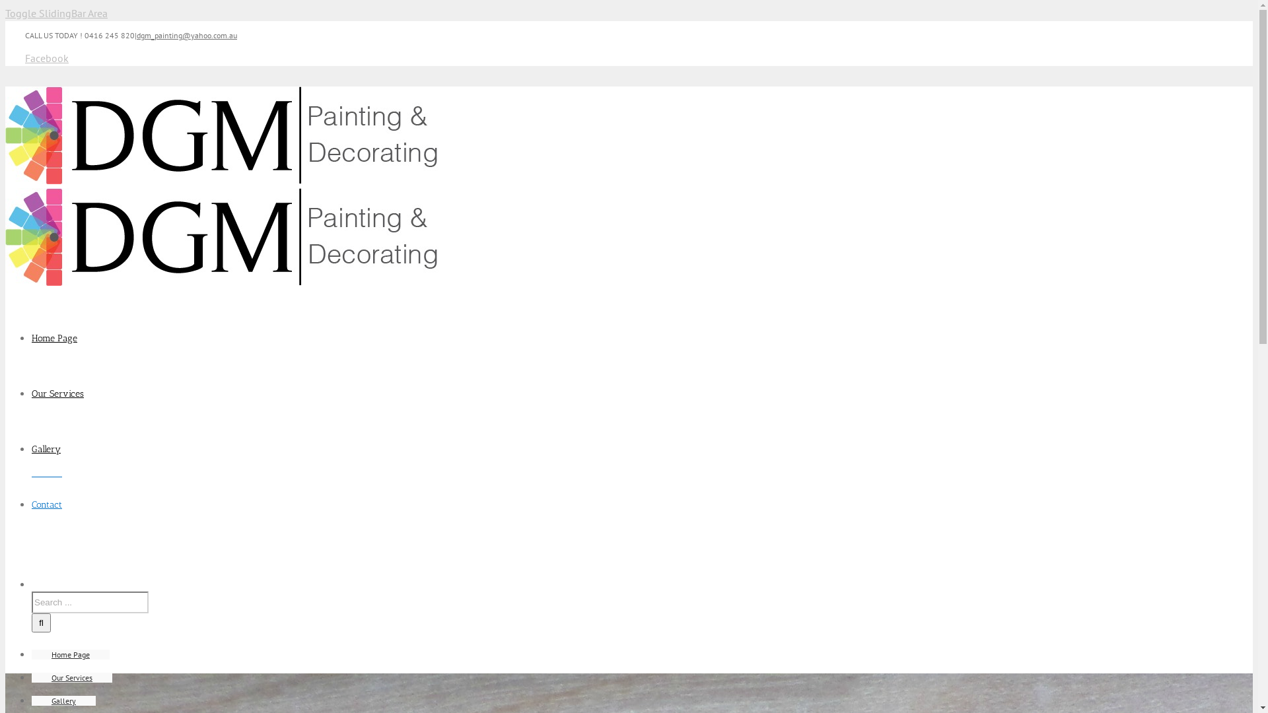 This screenshot has width=1268, height=713. Describe the element at coordinates (63, 700) in the screenshot. I see `'Gallery'` at that location.